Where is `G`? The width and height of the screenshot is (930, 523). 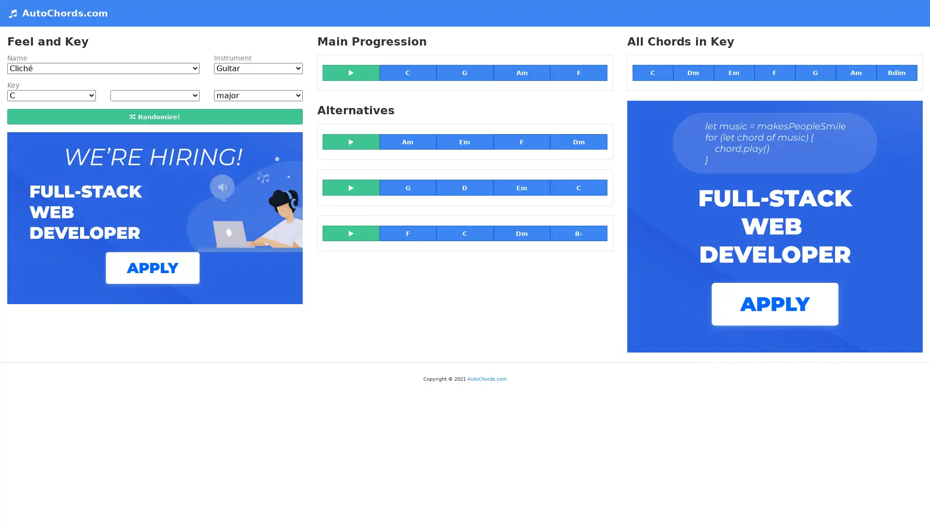
G is located at coordinates (464, 72).